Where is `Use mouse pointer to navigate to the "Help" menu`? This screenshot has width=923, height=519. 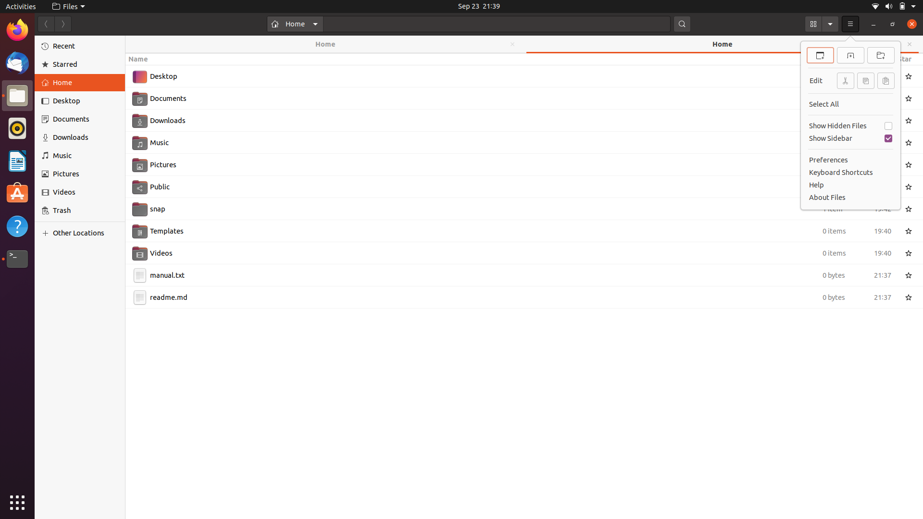 Use mouse pointer to navigate to the "Help" menu is located at coordinates (849, 185).